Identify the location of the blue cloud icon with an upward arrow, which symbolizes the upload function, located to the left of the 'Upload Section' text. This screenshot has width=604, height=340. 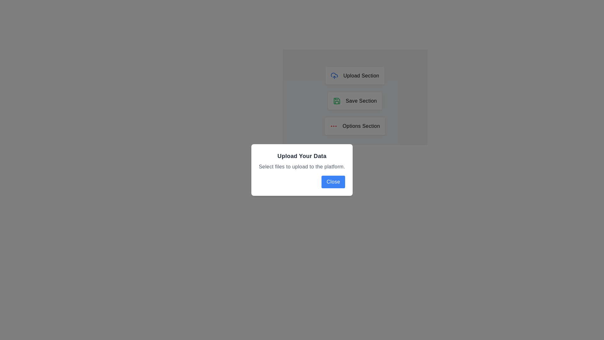
(334, 75).